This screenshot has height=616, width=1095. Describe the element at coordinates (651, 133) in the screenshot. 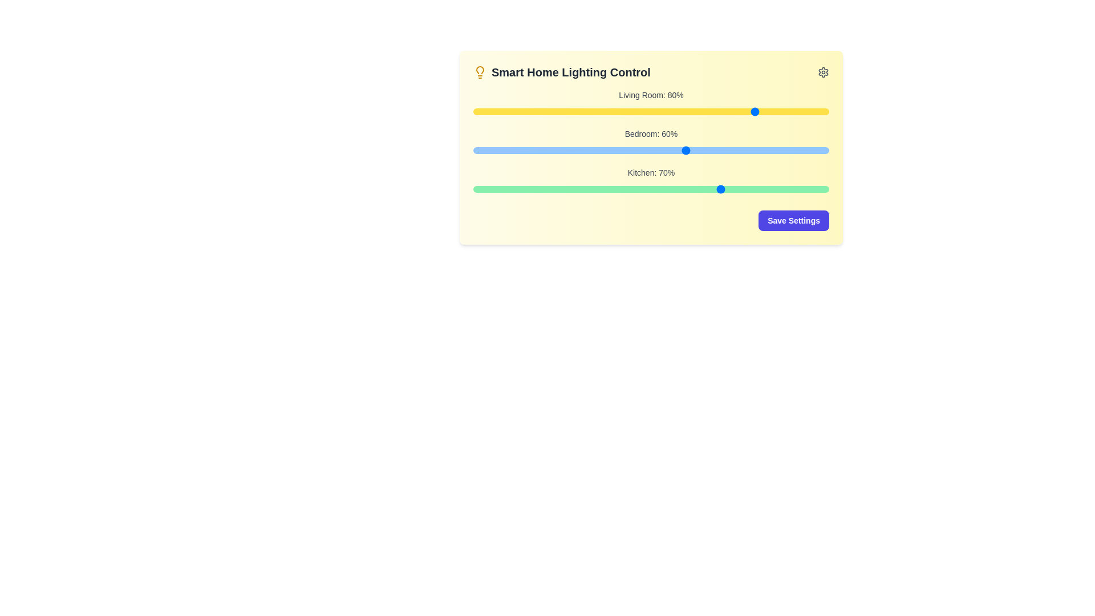

I see `the text label displaying 'Bedroom: 60%' which is positioned above the blue slider bar labeled 'Bedroom'` at that location.